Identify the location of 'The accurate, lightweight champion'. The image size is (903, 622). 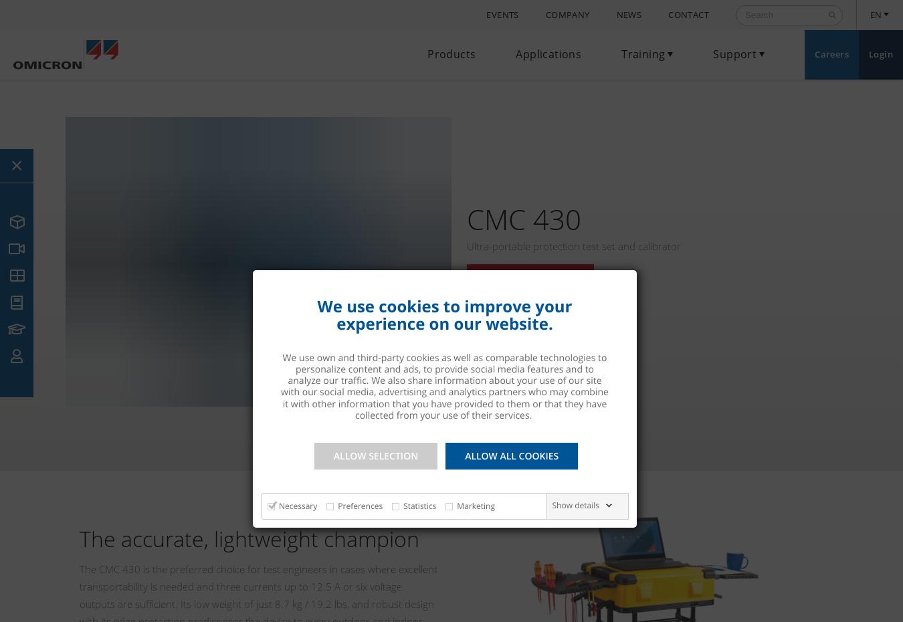
(79, 537).